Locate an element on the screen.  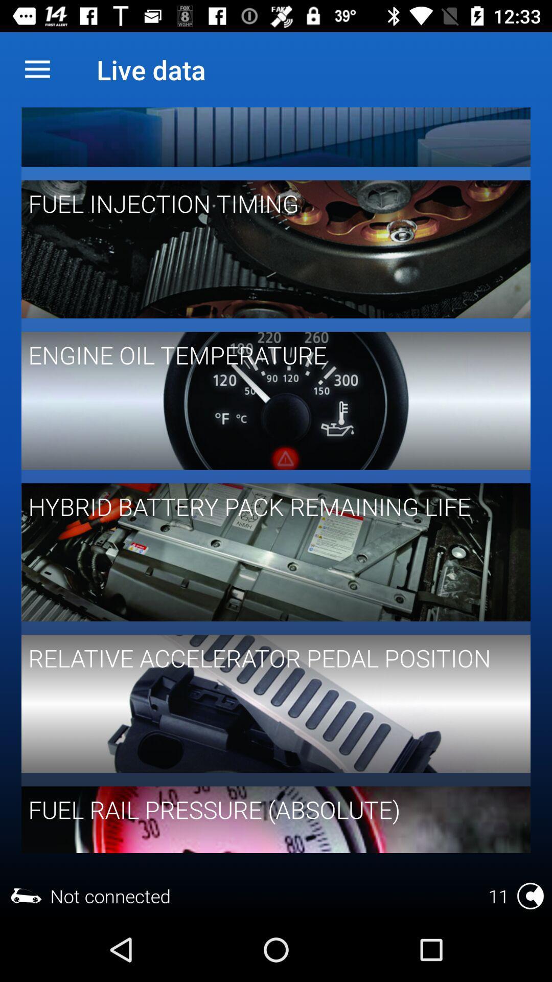
relative accelerator pedal icon is located at coordinates (268, 658).